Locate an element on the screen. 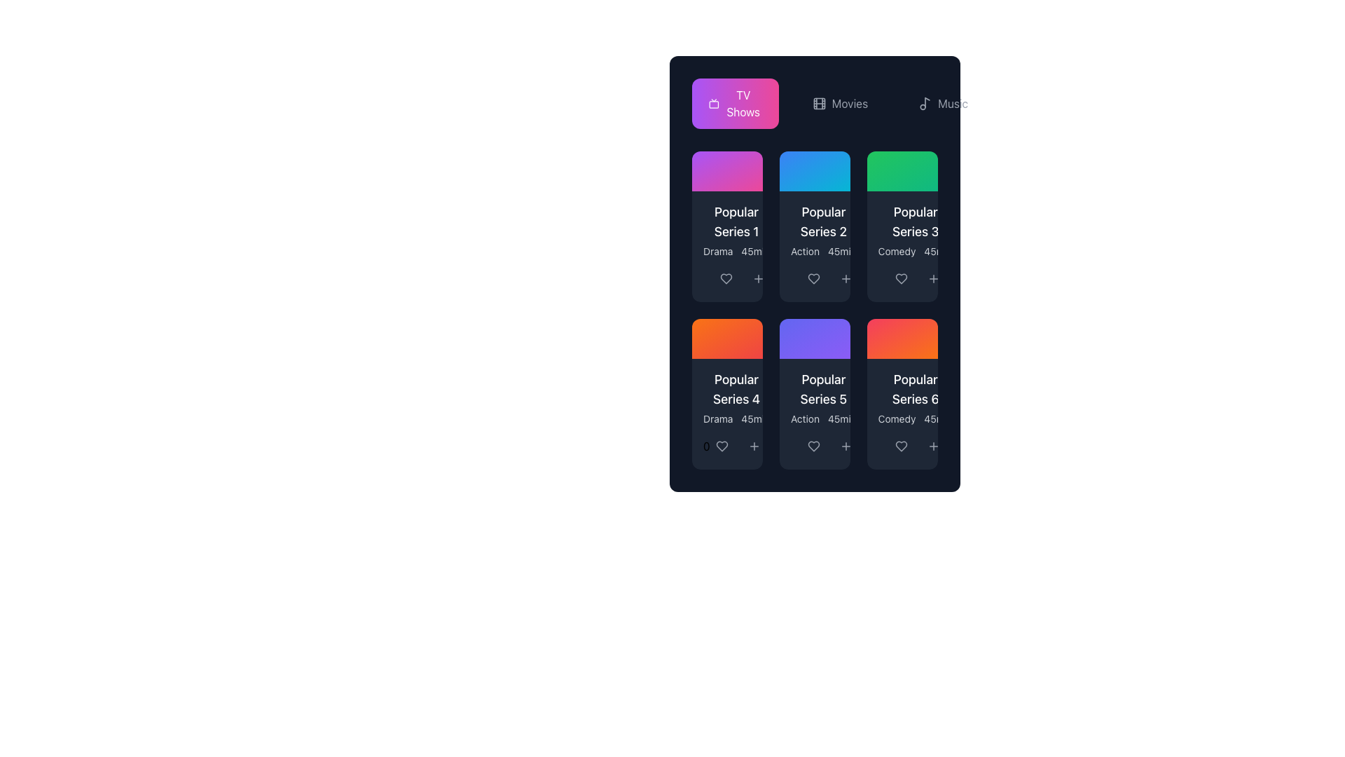  the heart icon button in the 'Popular Series 5' section is located at coordinates (813, 446).